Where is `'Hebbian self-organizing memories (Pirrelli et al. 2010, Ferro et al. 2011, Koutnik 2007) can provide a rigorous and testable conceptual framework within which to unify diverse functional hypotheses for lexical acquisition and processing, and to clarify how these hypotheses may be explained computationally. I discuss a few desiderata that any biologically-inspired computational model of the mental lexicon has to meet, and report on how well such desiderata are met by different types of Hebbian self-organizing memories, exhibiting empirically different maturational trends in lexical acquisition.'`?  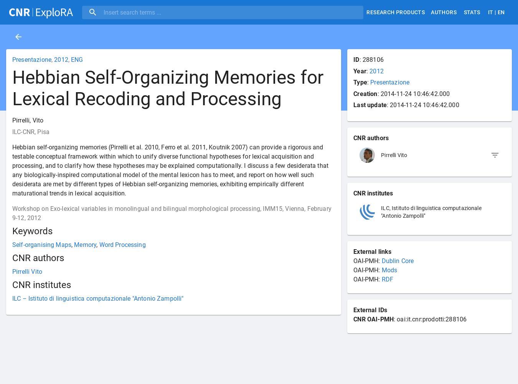
'Hebbian self-organizing memories (Pirrelli et al. 2010, Ferro et al. 2011, Koutnik 2007) can provide a rigorous and testable conceptual framework within which to unify diverse functional hypotheses for lexical acquisition and processing, and to clarify how these hypotheses may be explained computationally. I discuss a few desiderata that any biologically-inspired computational model of the mental lexicon has to meet, and report on how well such desiderata are met by different types of Hebbian self-organizing memories, exhibiting empirically different maturational trends in lexical acquisition.' is located at coordinates (170, 170).